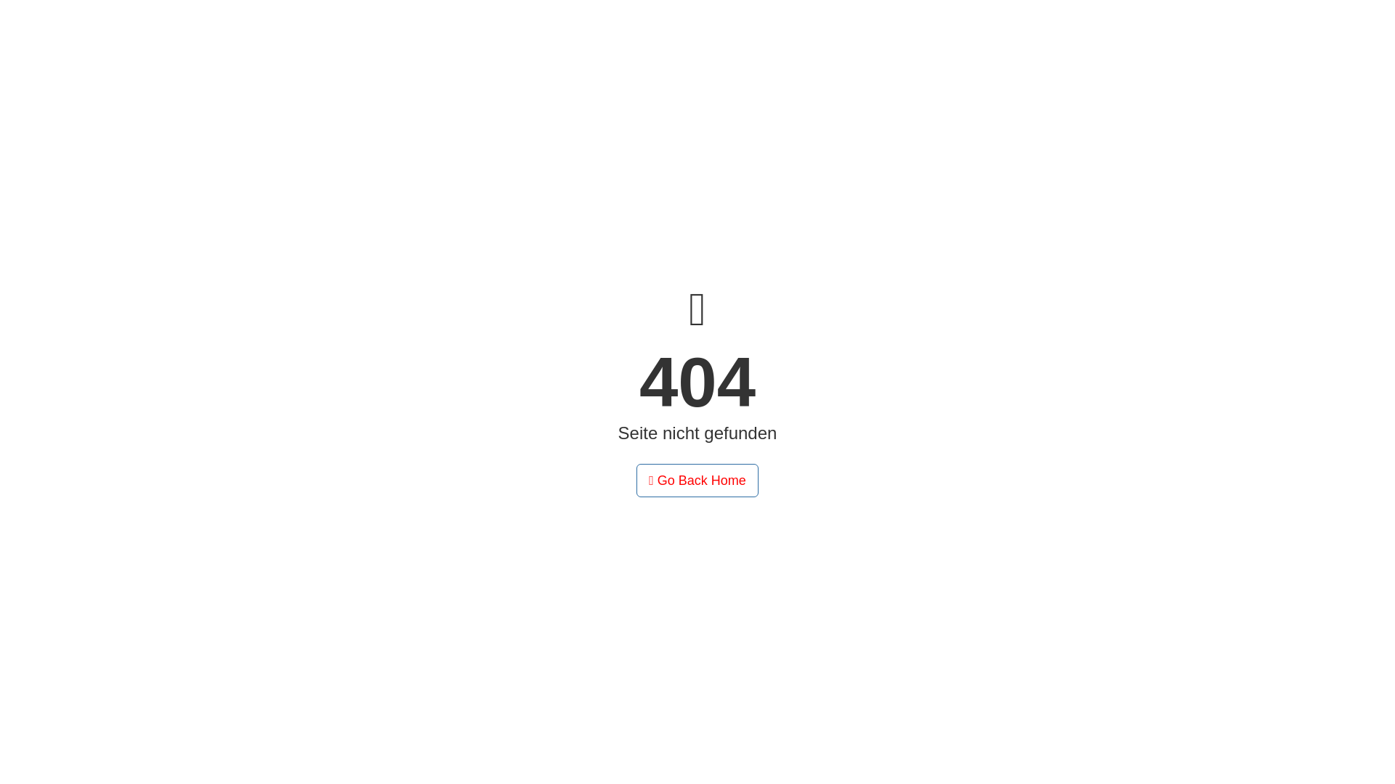  I want to click on 'Go Back Home', so click(636, 481).